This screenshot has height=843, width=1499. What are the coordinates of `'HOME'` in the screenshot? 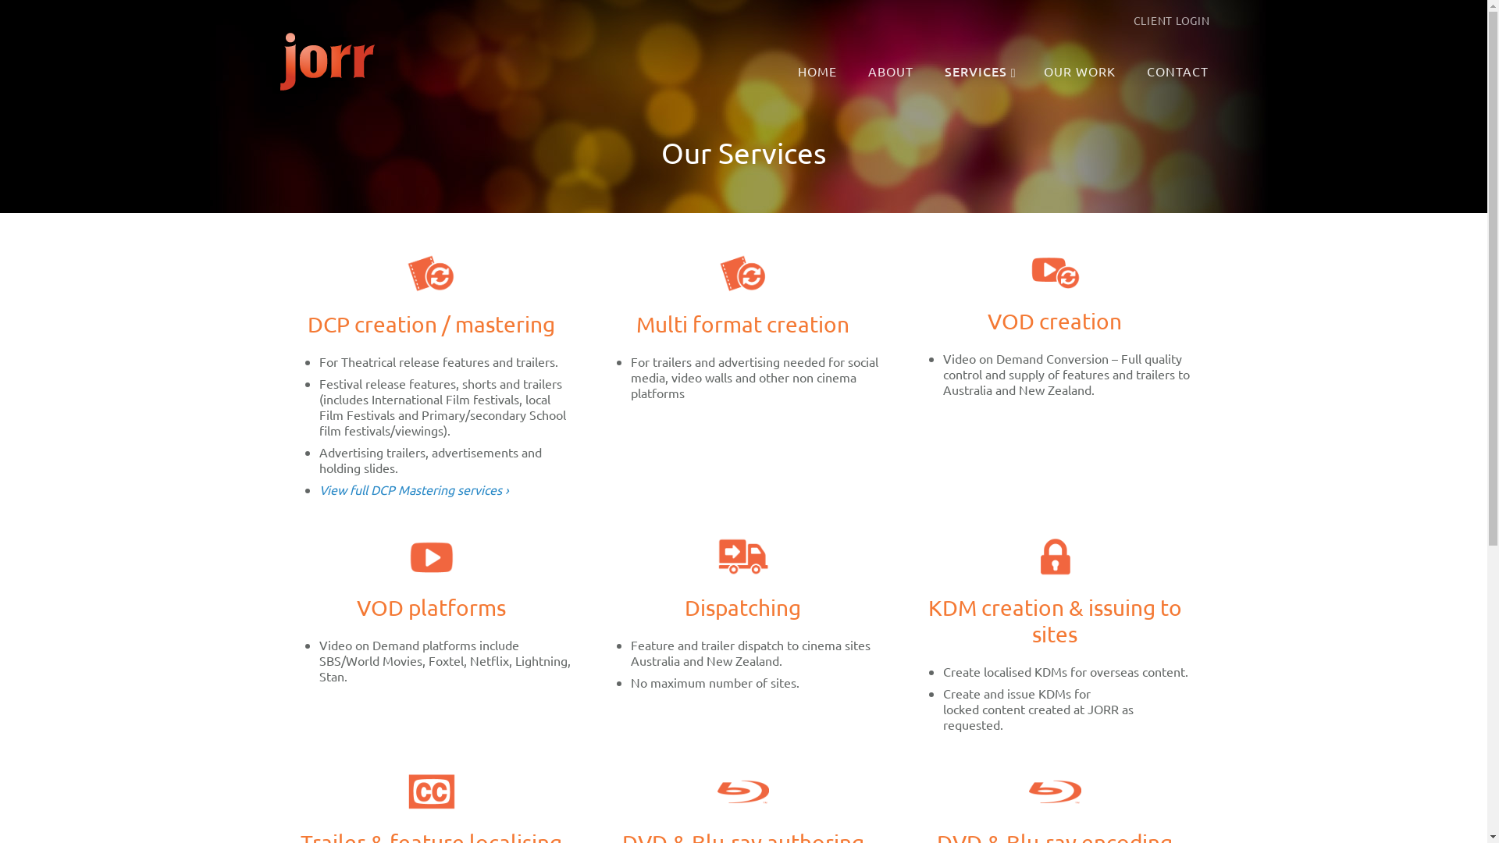 It's located at (818, 72).